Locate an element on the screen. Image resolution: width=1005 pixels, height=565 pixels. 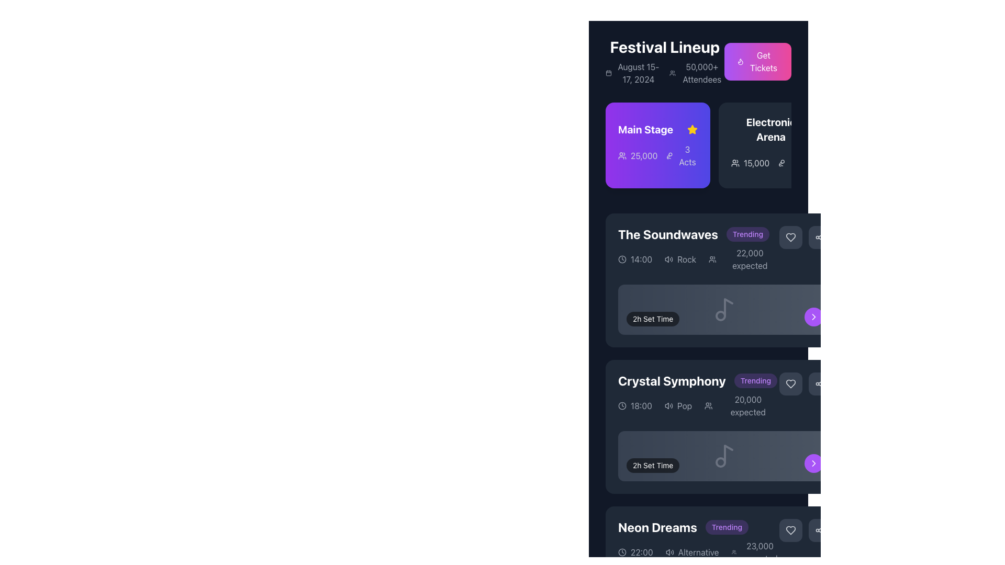
text displayed on the informational label indicating the event duration of '2 hours' located at the bottom-left corner of the 'Crystal Symphony' event card is located at coordinates (652, 465).